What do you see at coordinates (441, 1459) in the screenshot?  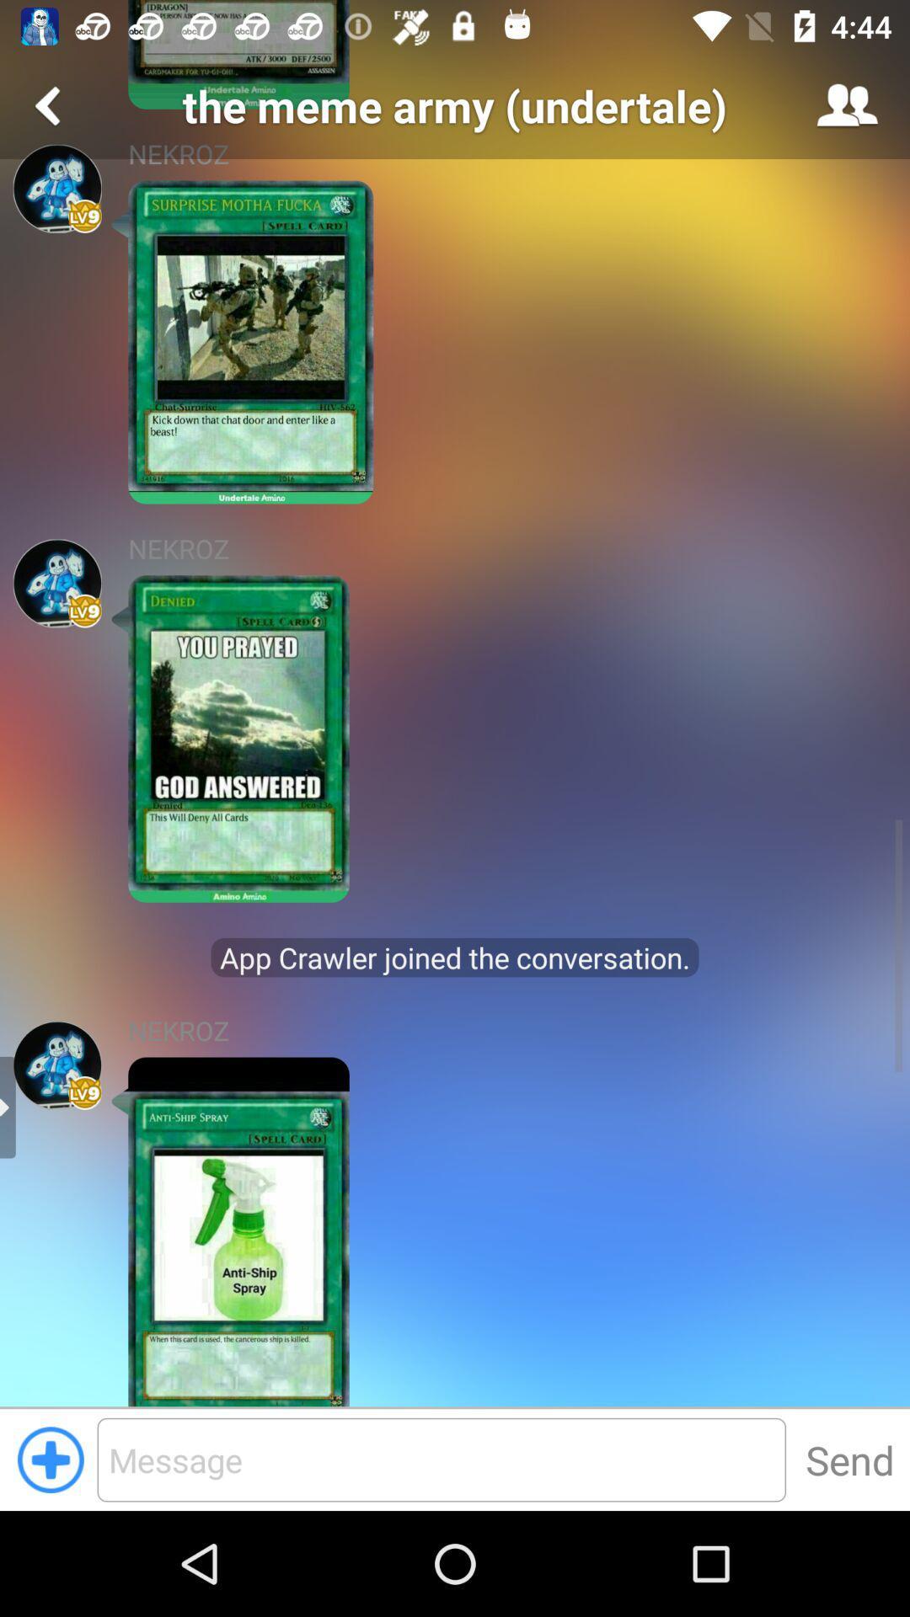 I see `message entering box` at bounding box center [441, 1459].